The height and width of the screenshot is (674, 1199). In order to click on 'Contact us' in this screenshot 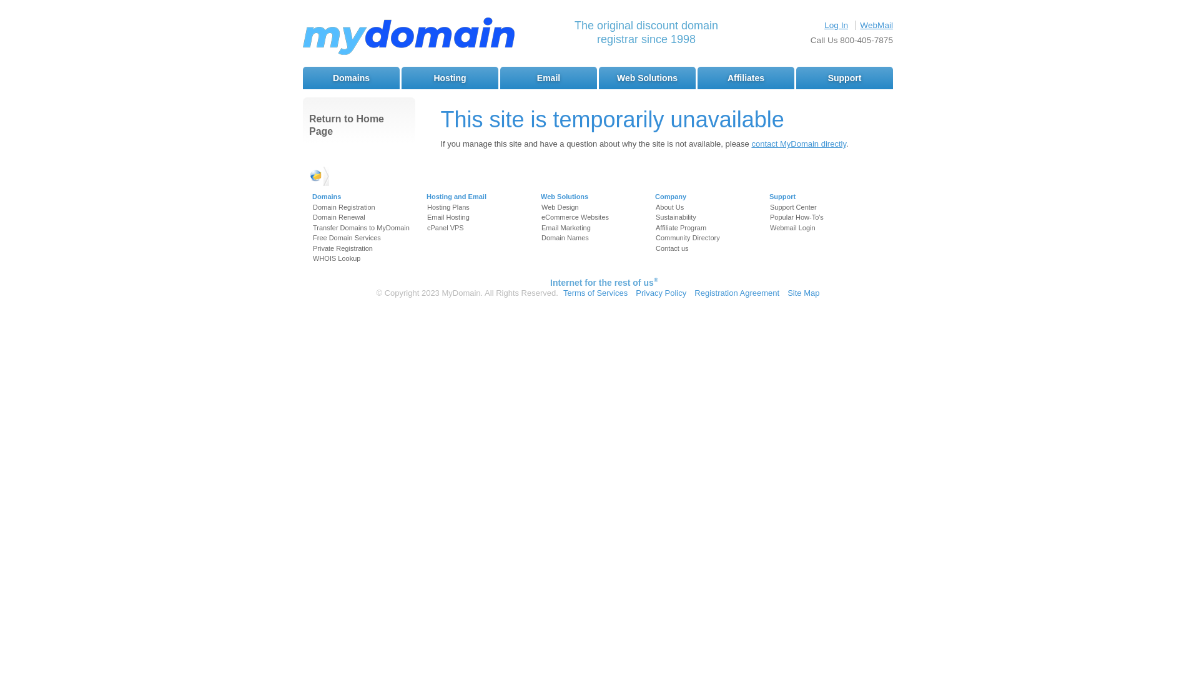, I will do `click(671, 248)`.